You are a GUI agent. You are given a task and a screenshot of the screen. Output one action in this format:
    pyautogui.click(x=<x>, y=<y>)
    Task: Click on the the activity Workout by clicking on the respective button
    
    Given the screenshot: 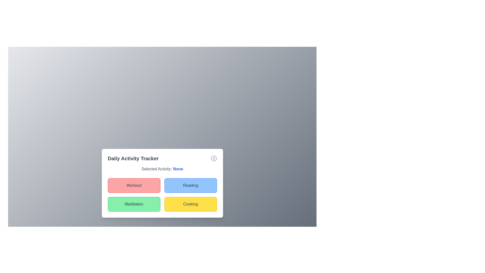 What is the action you would take?
    pyautogui.click(x=134, y=185)
    